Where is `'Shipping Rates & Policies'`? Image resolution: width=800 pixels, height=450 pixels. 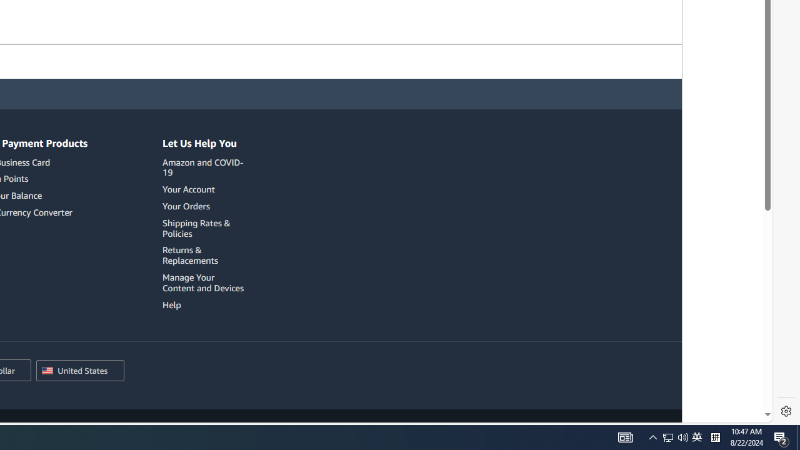 'Shipping Rates & Policies' is located at coordinates (196, 228).